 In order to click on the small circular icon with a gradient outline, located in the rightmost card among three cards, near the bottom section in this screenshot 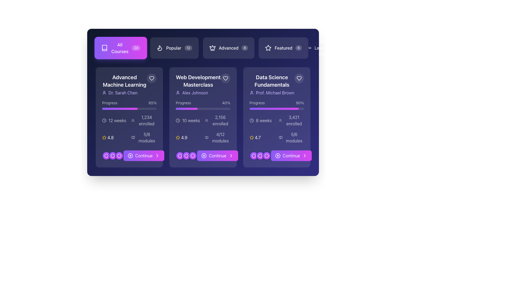, I will do `click(253, 155)`.